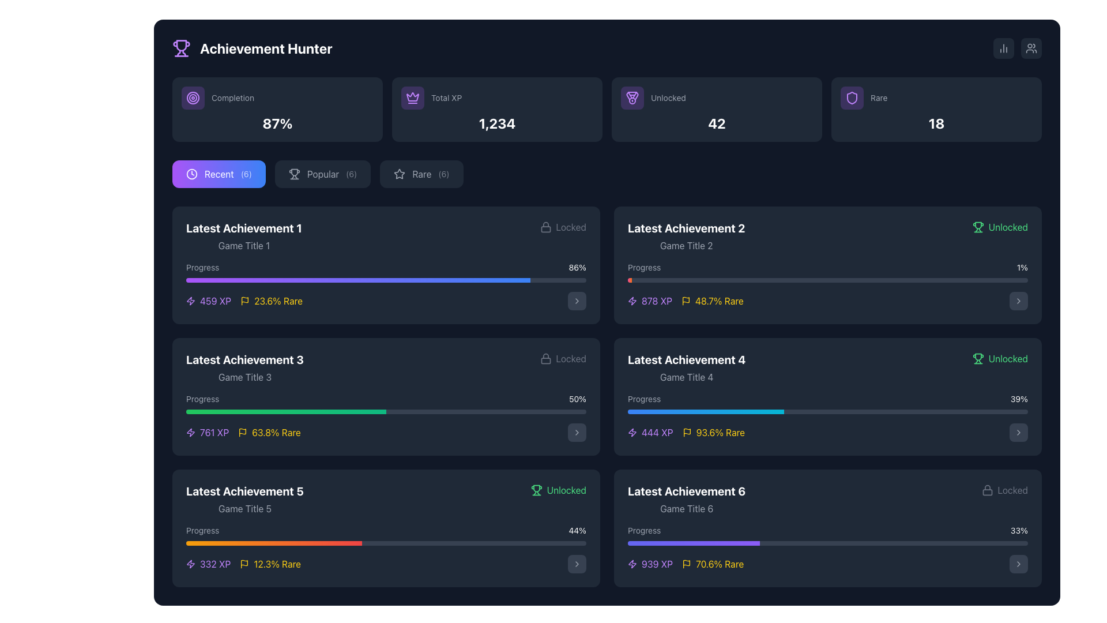 The height and width of the screenshot is (623, 1107). What do you see at coordinates (687, 491) in the screenshot?
I see `the text label displaying 'Latest Achievement 6', which is a bold, large white header located in the bottom-right card block above 'Game Title 6'` at bounding box center [687, 491].